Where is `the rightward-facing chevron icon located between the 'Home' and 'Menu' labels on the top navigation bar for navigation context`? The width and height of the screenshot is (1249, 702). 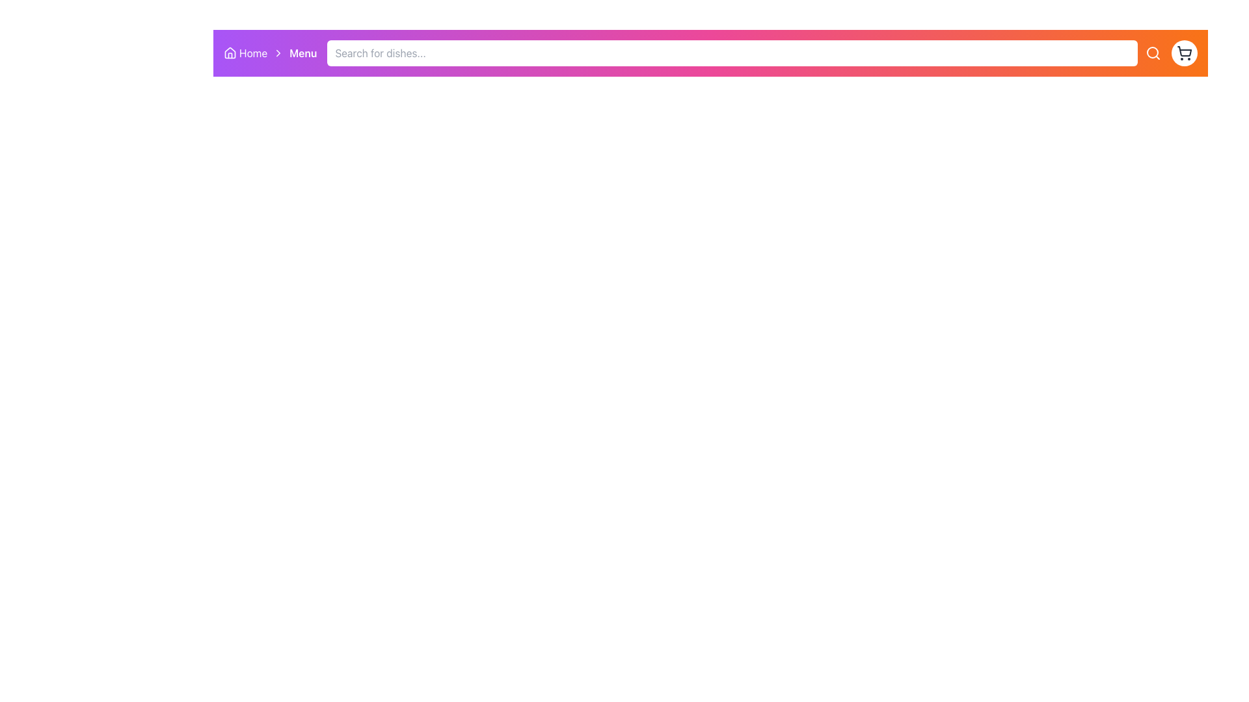
the rightward-facing chevron icon located between the 'Home' and 'Menu' labels on the top navigation bar for navigation context is located at coordinates (278, 52).